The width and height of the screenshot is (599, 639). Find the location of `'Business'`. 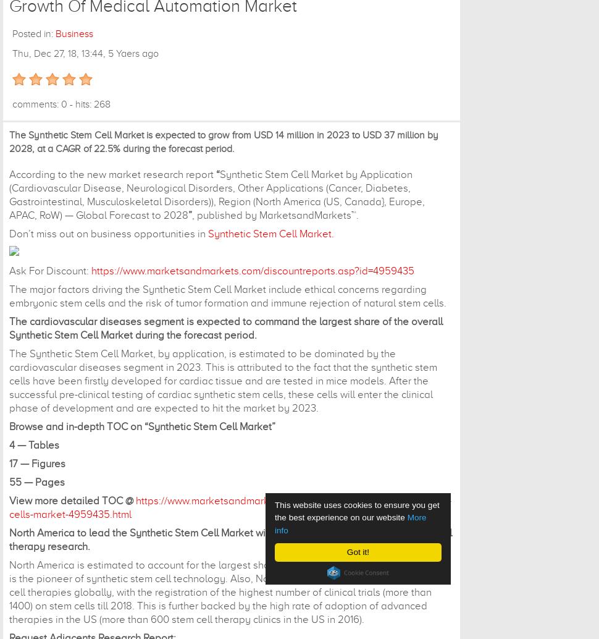

'Business' is located at coordinates (74, 33).